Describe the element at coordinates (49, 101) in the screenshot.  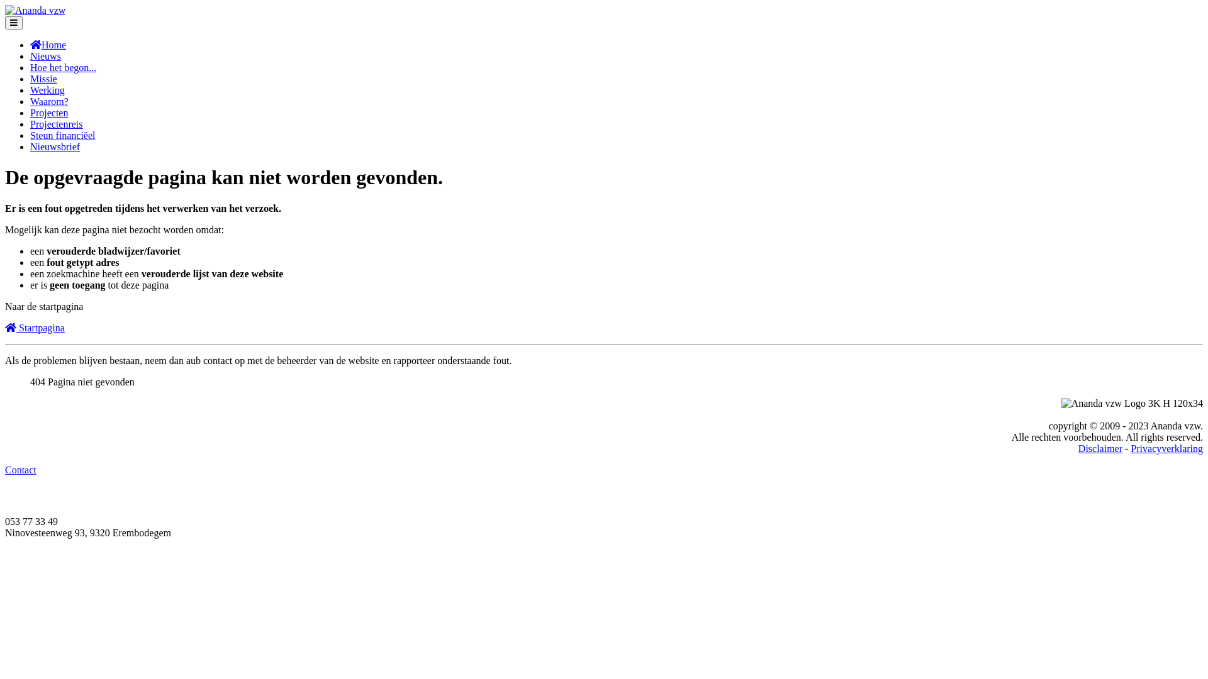
I see `'Waarom?'` at that location.